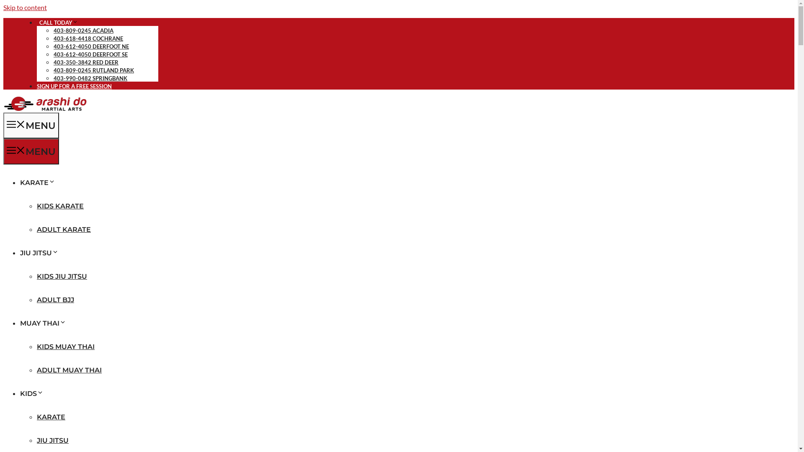 The width and height of the screenshot is (804, 452). I want to click on 'KIDS KARATE', so click(60, 206).